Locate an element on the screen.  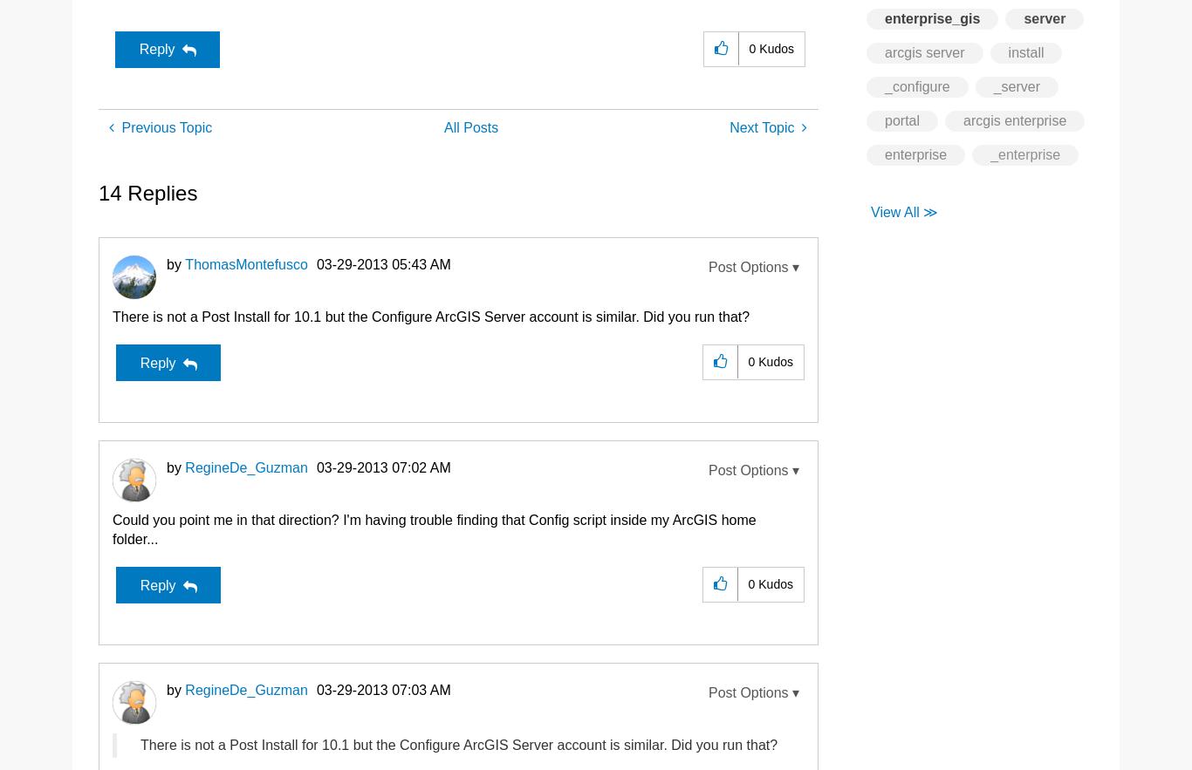
'All Posts' is located at coordinates (470, 126).